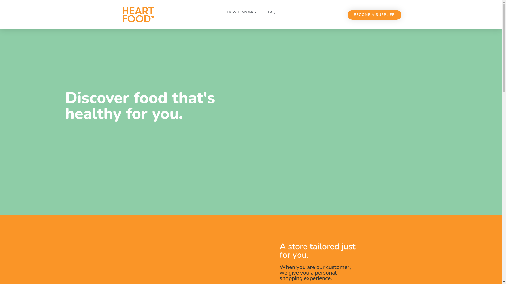 This screenshot has height=284, width=506. What do you see at coordinates (241, 12) in the screenshot?
I see `'HOW IT WORKS'` at bounding box center [241, 12].